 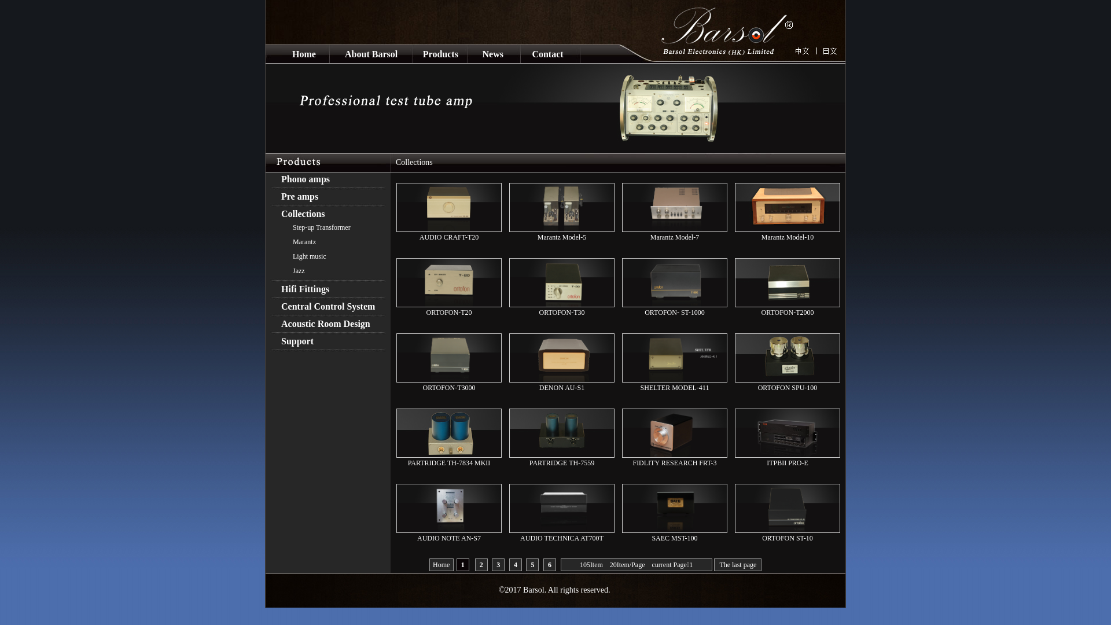 What do you see at coordinates (327, 323) in the screenshot?
I see `'Acoustic Room Design'` at bounding box center [327, 323].